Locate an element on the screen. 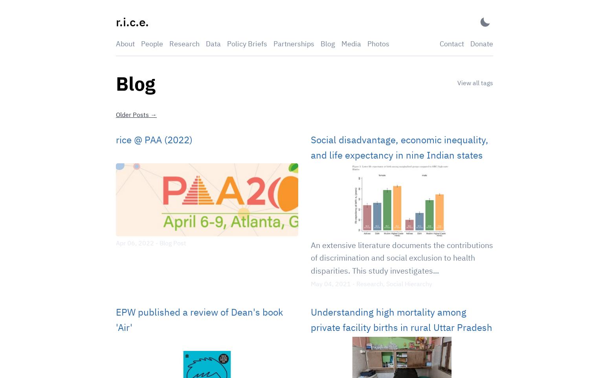 The image size is (609, 378). 'r.i.c.e.' is located at coordinates (132, 22).